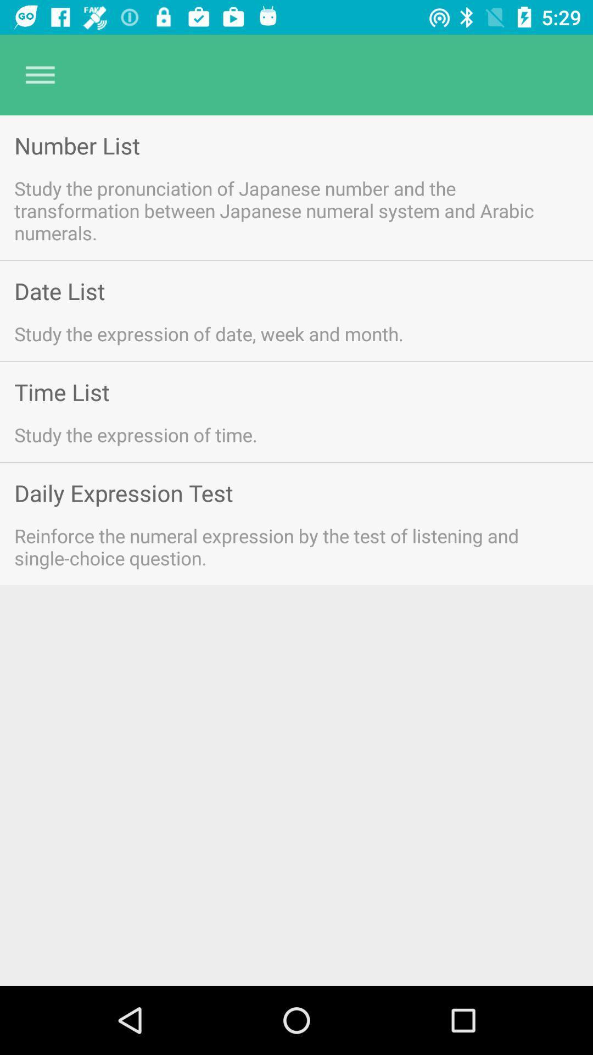  What do you see at coordinates (40, 74) in the screenshot?
I see `app above number list` at bounding box center [40, 74].